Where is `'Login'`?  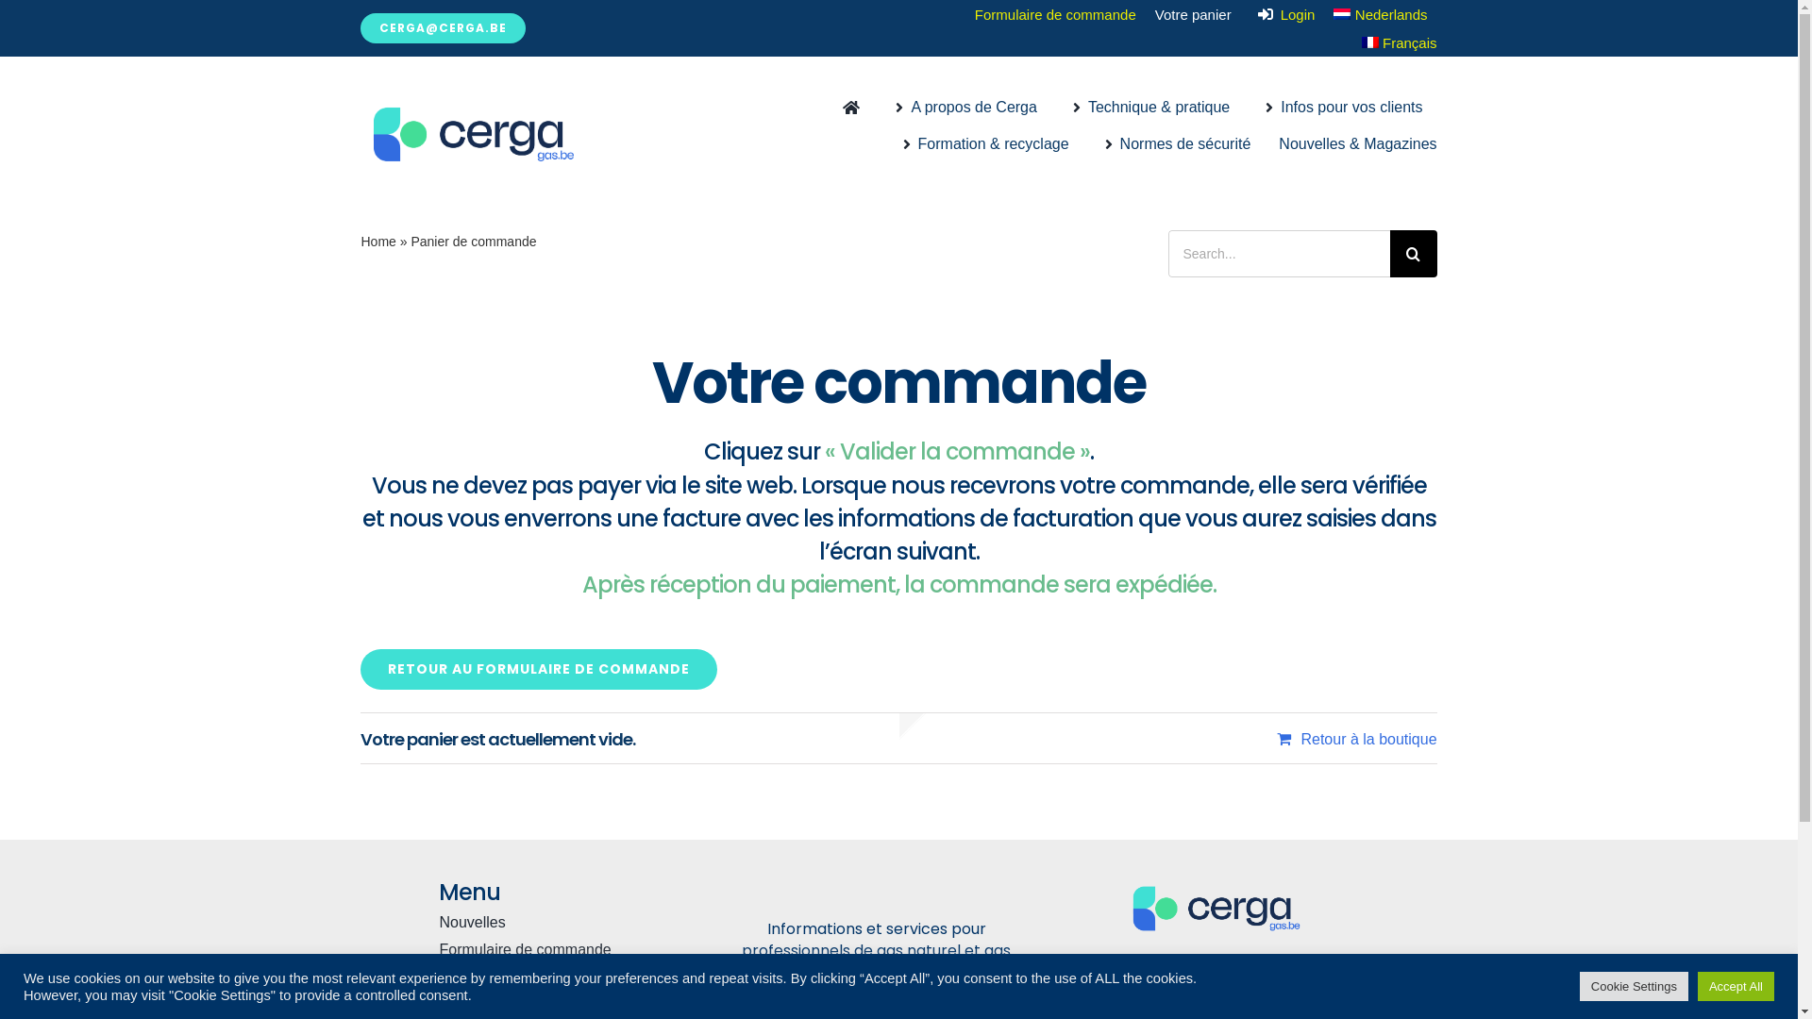 'Login' is located at coordinates (1283, 14).